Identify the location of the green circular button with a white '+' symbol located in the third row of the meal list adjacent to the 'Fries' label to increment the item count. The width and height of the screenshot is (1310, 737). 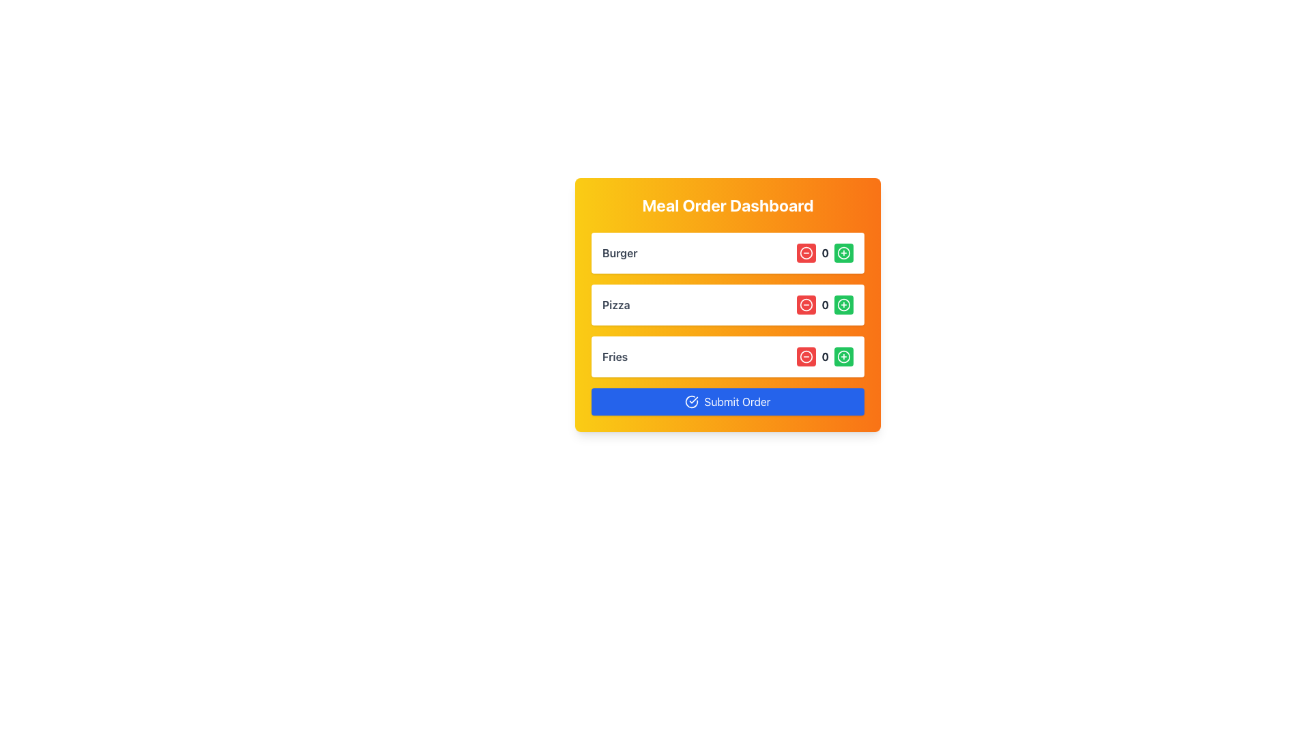
(843, 356).